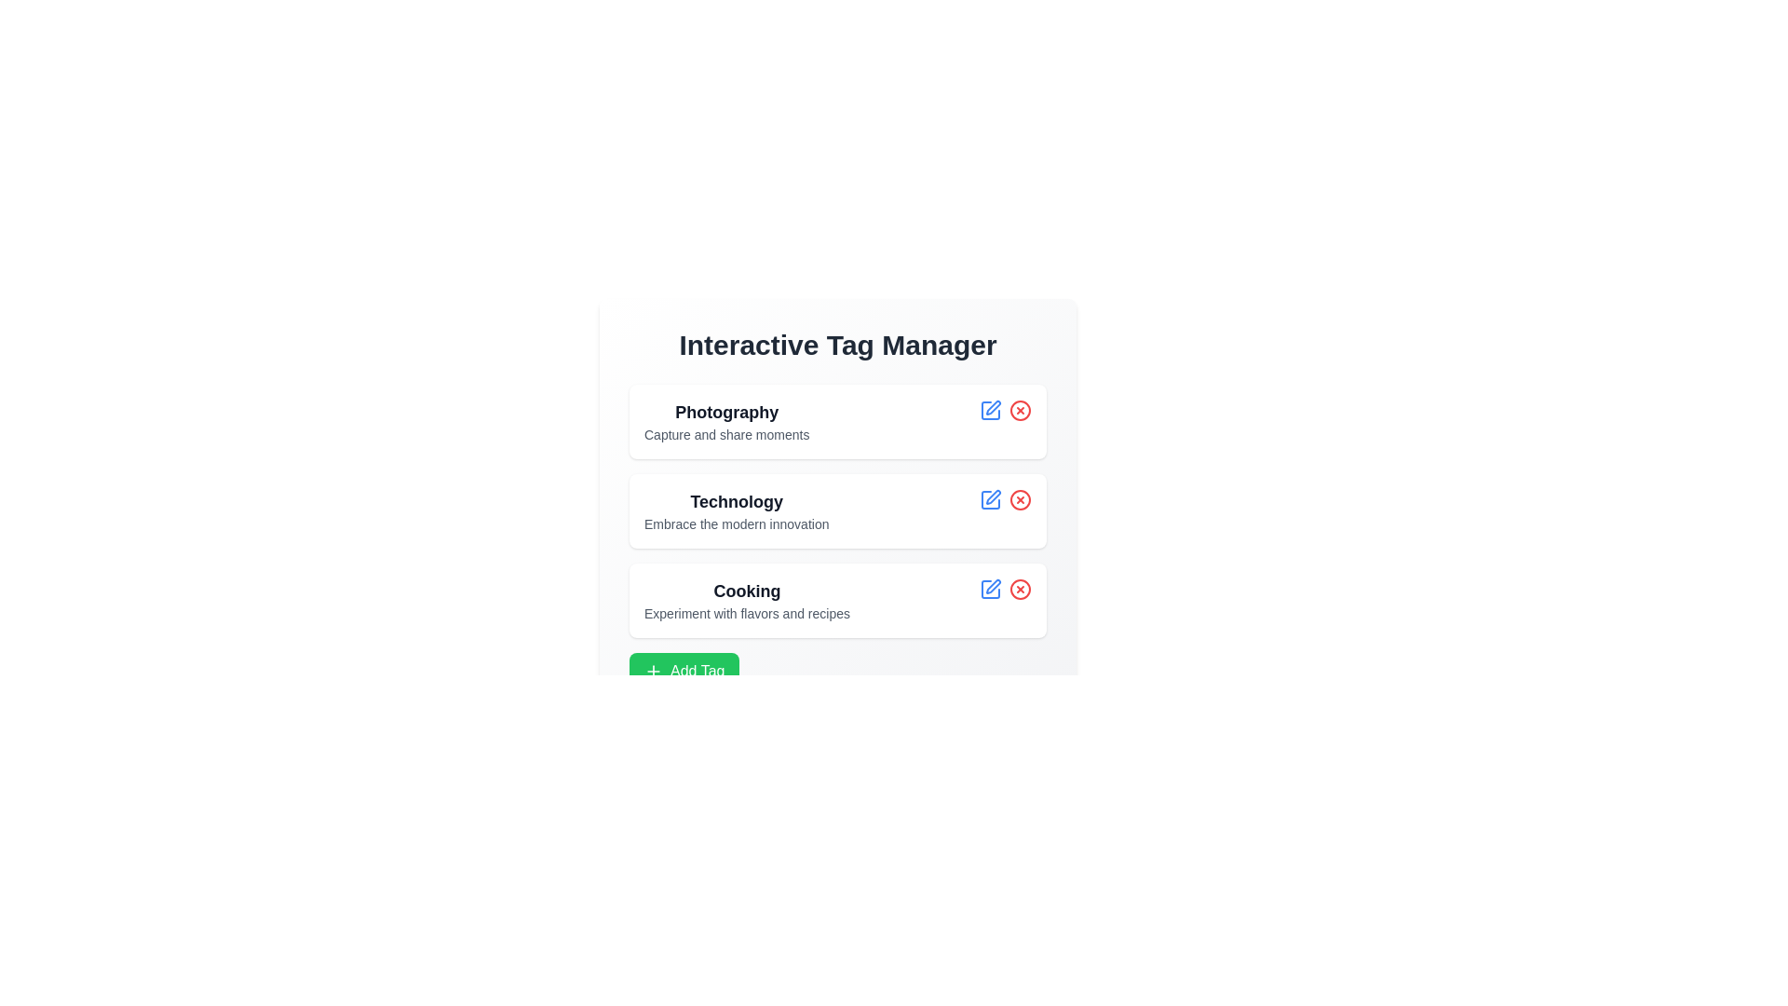 The width and height of the screenshot is (1788, 1006). Describe the element at coordinates (990, 498) in the screenshot. I see `the leftmost edit icon button at the top right corner of the 'Technology' card to initiate edit` at that location.